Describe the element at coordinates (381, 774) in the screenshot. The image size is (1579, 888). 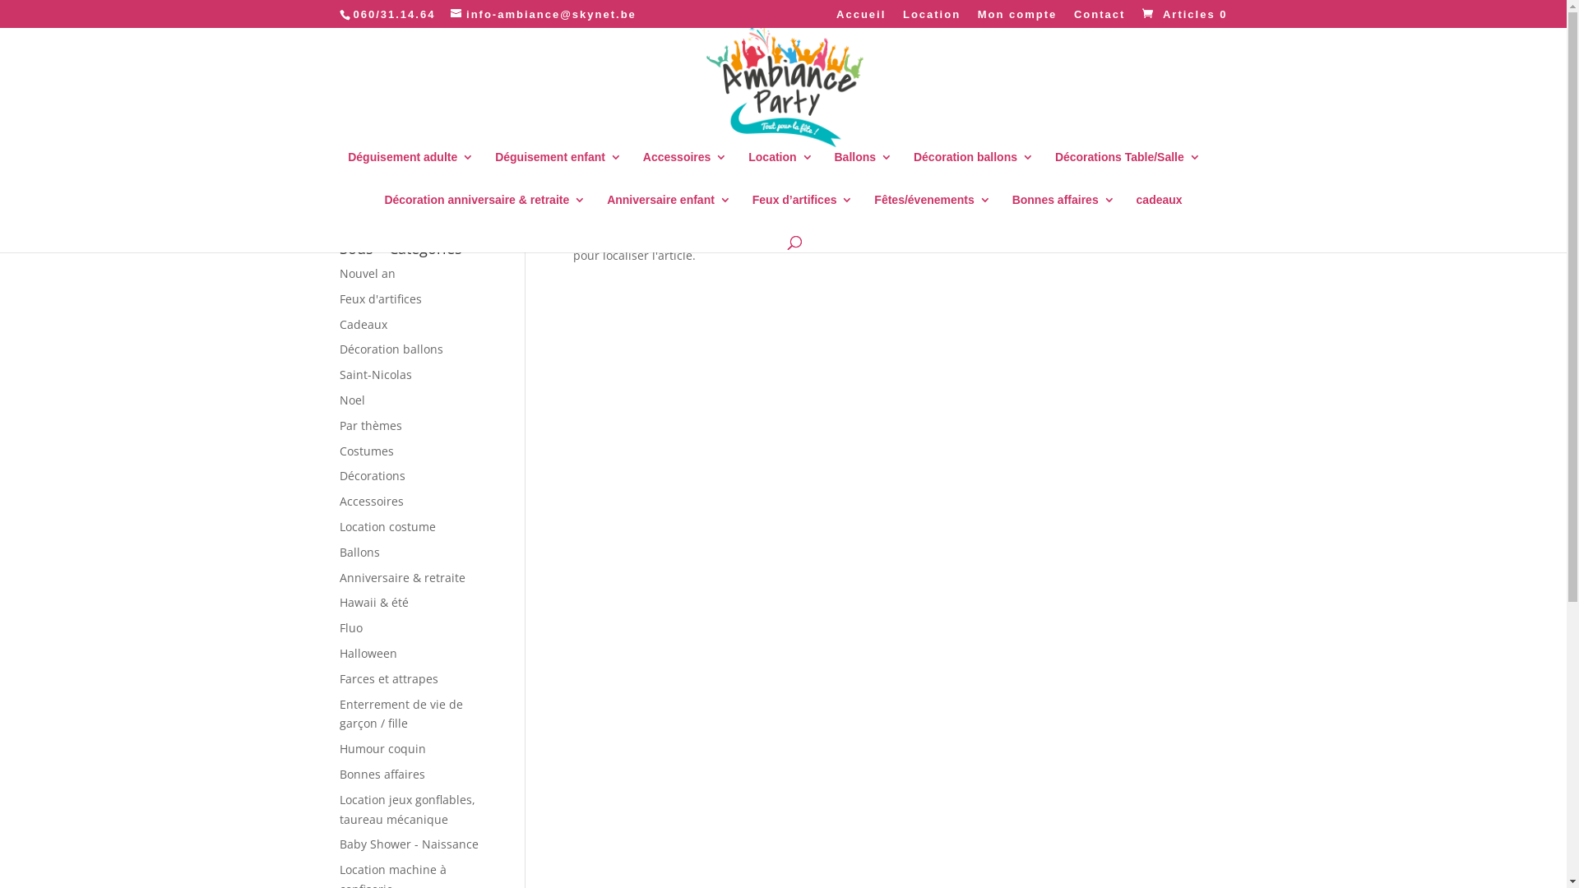
I see `'Bonnes affaires'` at that location.